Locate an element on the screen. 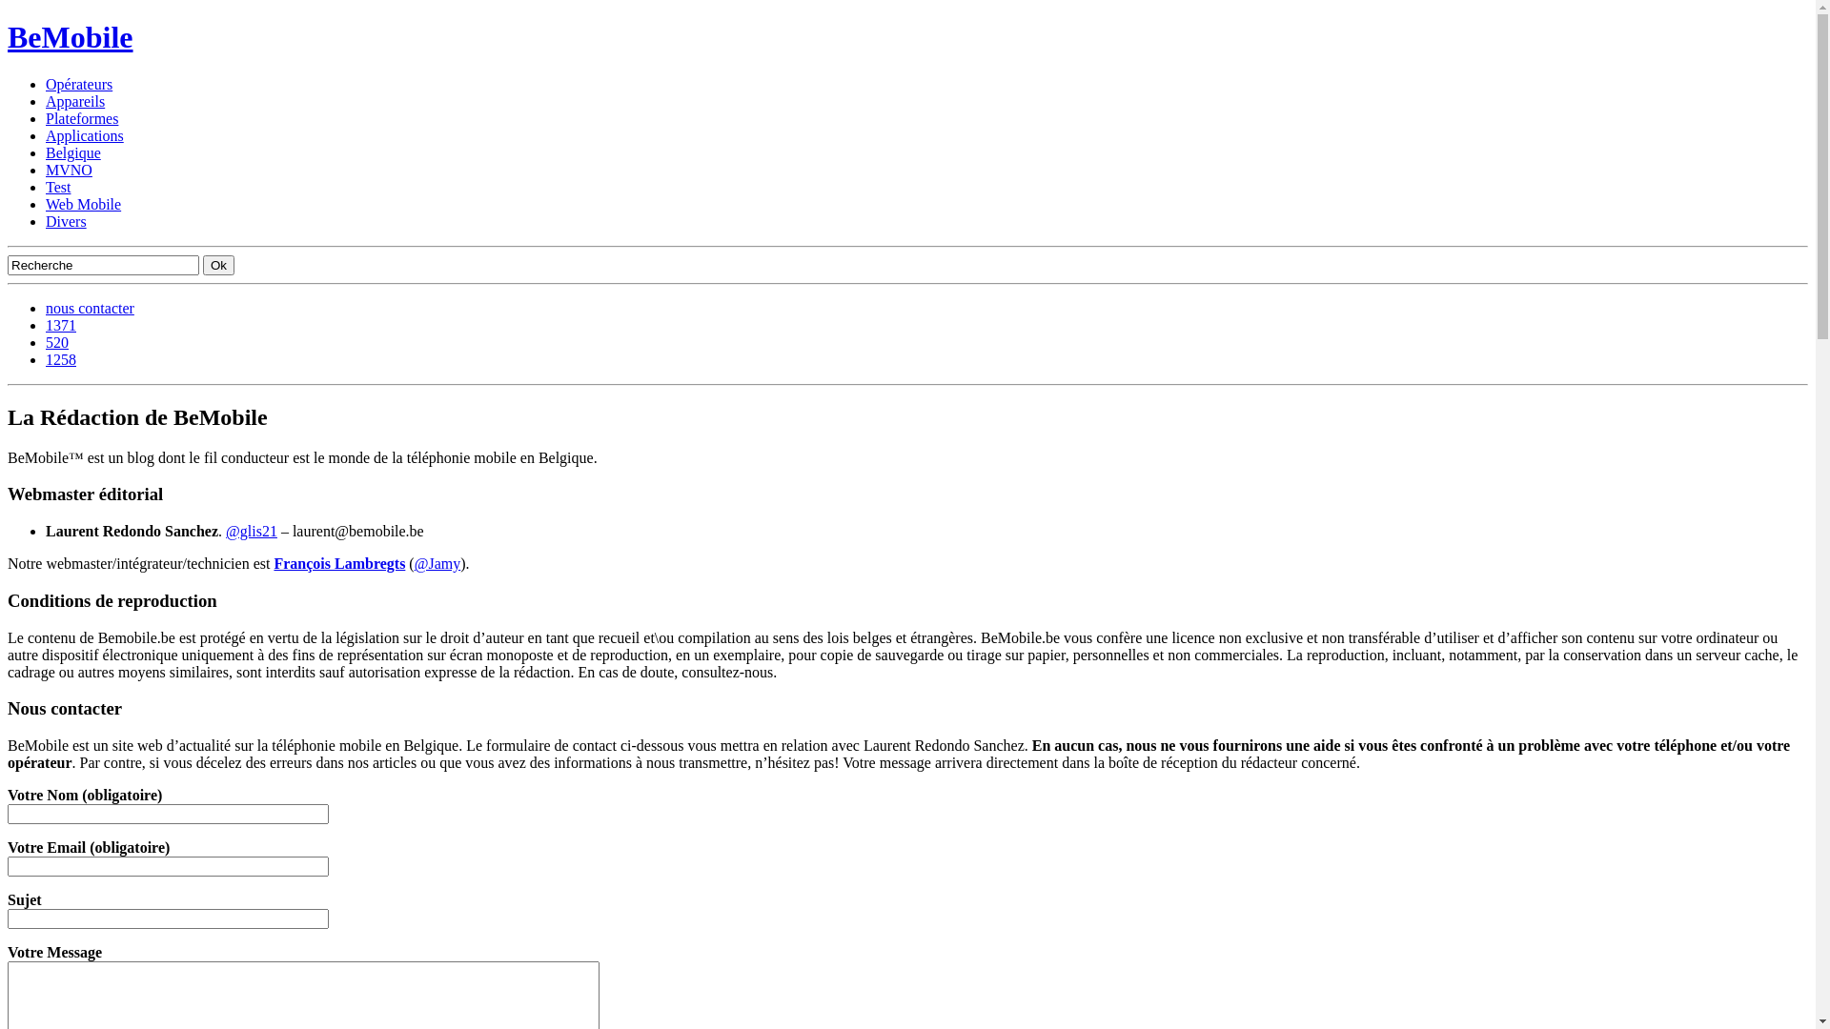 Image resolution: width=1830 pixels, height=1029 pixels. 'MVNO' is located at coordinates (69, 169).